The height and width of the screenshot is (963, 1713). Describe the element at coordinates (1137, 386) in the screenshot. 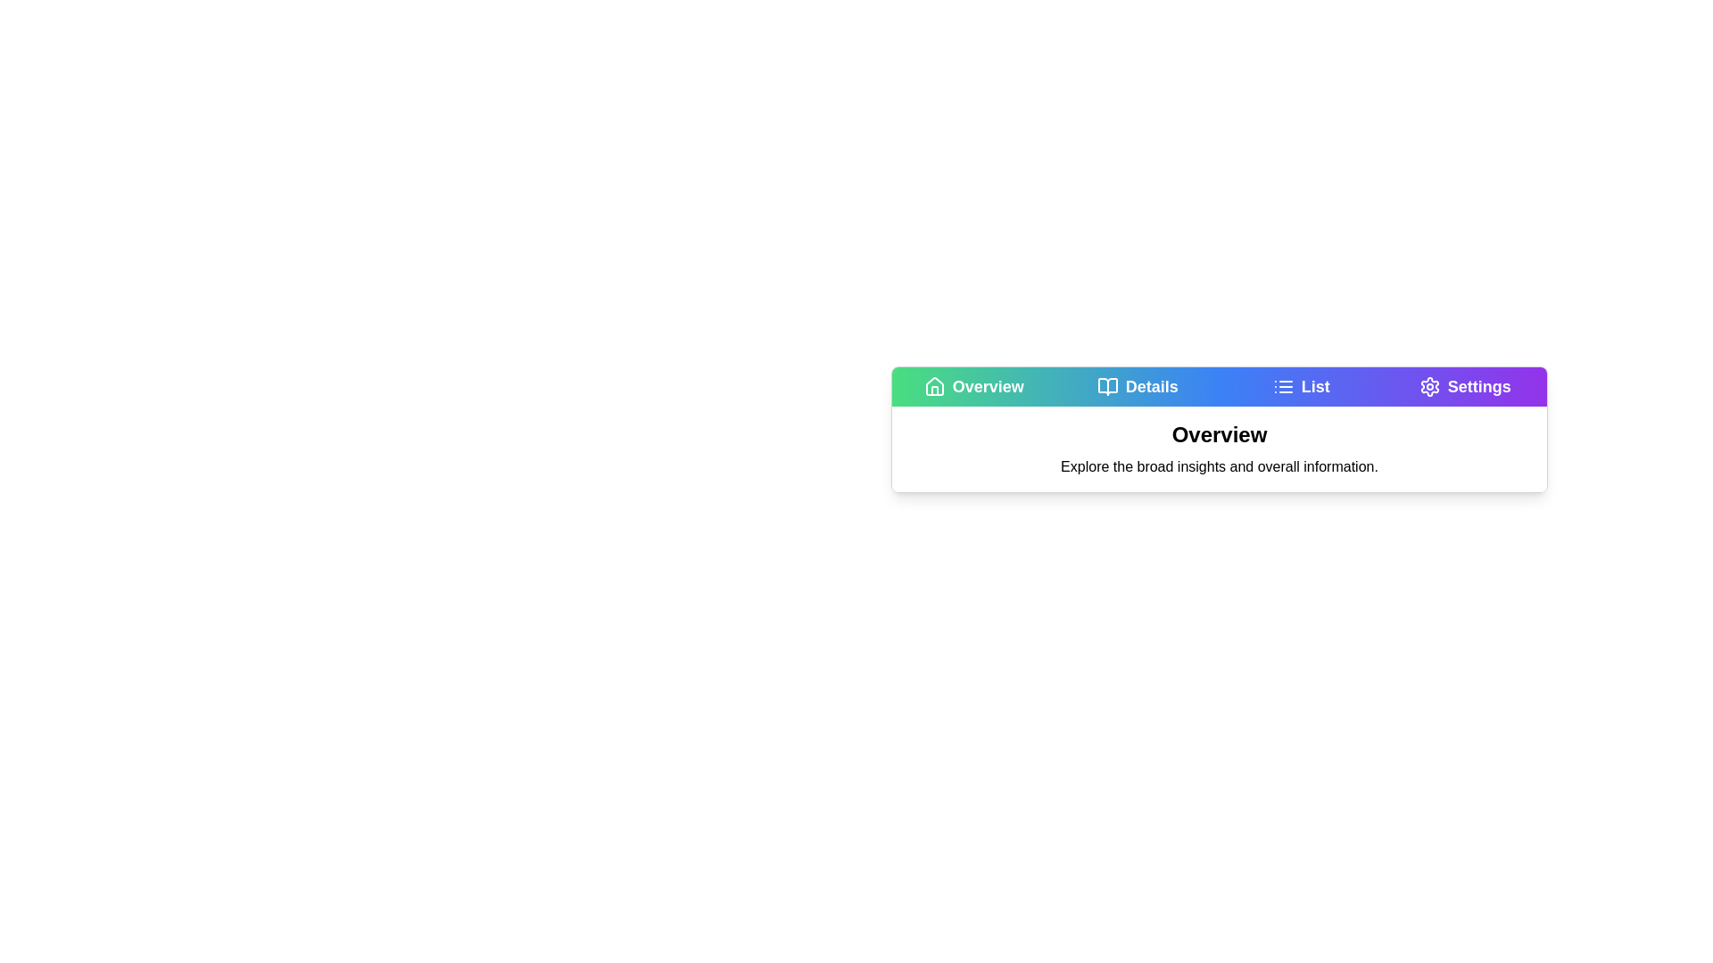

I see `the 'Details' button in the navigation bar, which is labeled with white bold text and has an icon of an open book to its left` at that location.